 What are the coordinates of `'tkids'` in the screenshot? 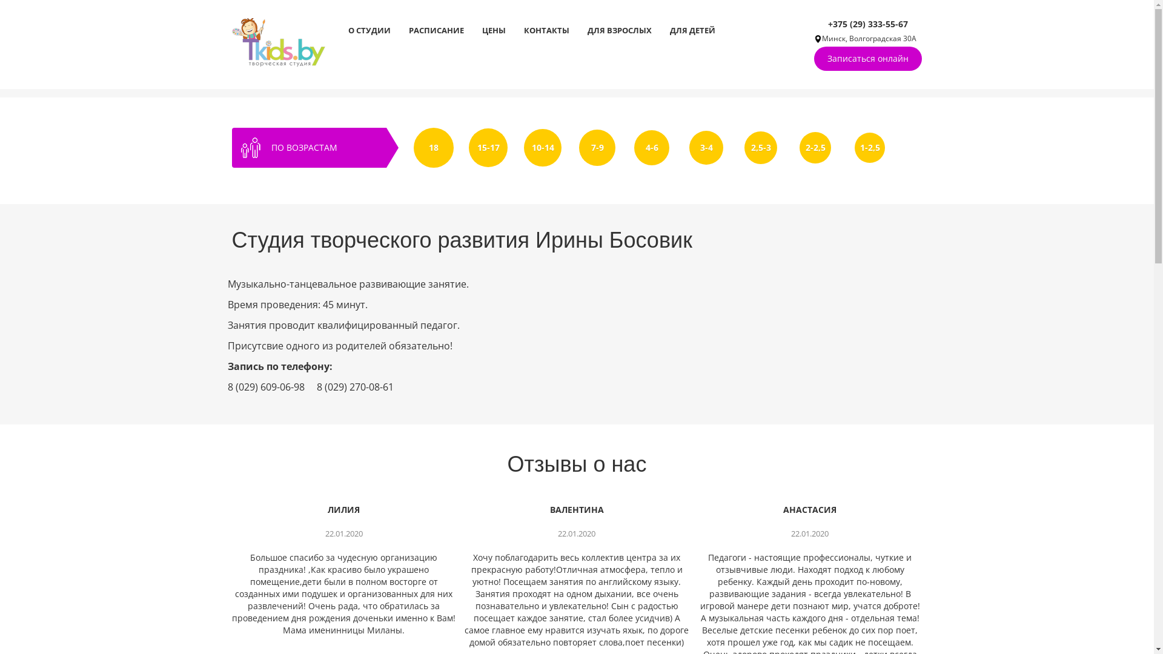 It's located at (277, 41).